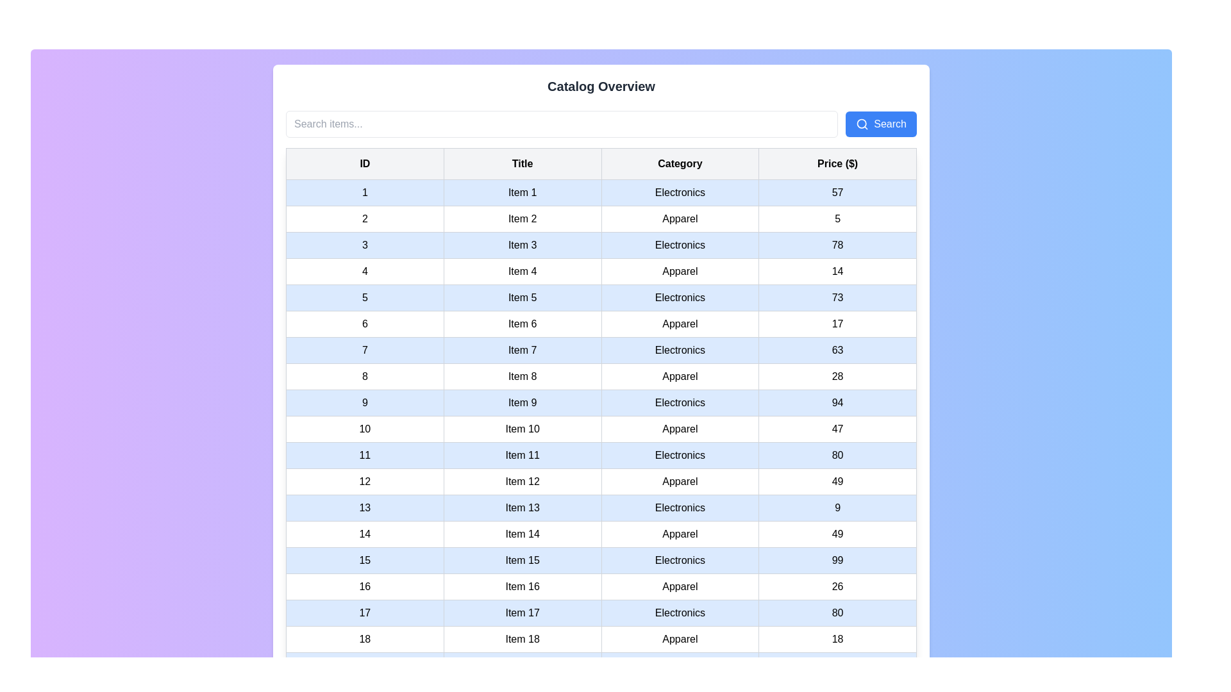  Describe the element at coordinates (600, 298) in the screenshot. I see `details of the item represented by the fifth row in the table, which contains the values '5', 'Item 5', 'Electronics', and '73'` at that location.